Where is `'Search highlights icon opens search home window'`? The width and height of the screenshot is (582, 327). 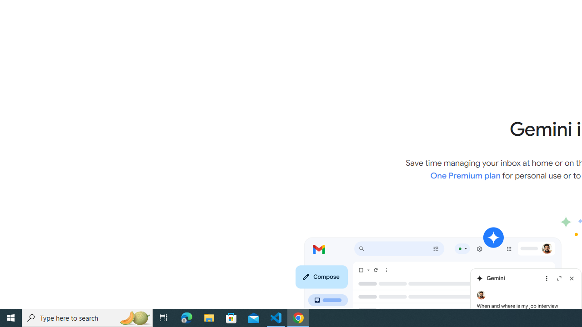
'Search highlights icon opens search home window' is located at coordinates (134, 317).